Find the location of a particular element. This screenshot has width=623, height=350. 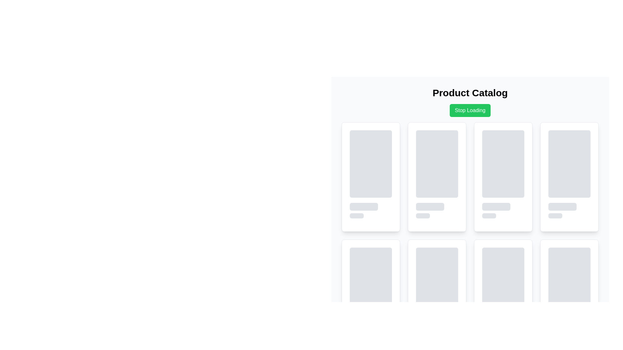

the stop button located below the 'Product Catalog' heading to change its appearance is located at coordinates (470, 110).